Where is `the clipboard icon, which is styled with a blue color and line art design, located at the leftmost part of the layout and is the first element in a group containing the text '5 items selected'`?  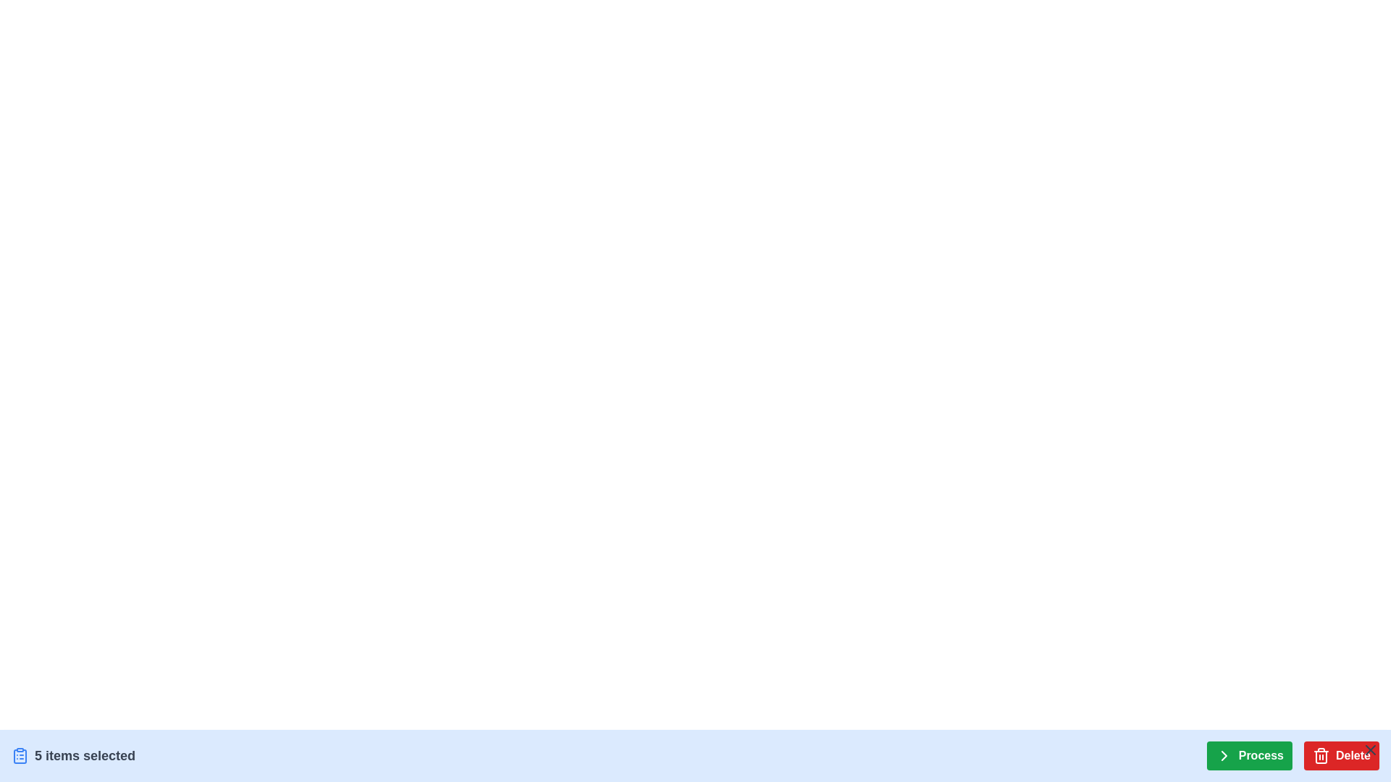
the clipboard icon, which is styled with a blue color and line art design, located at the leftmost part of the layout and is the first element in a group containing the text '5 items selected' is located at coordinates (20, 755).